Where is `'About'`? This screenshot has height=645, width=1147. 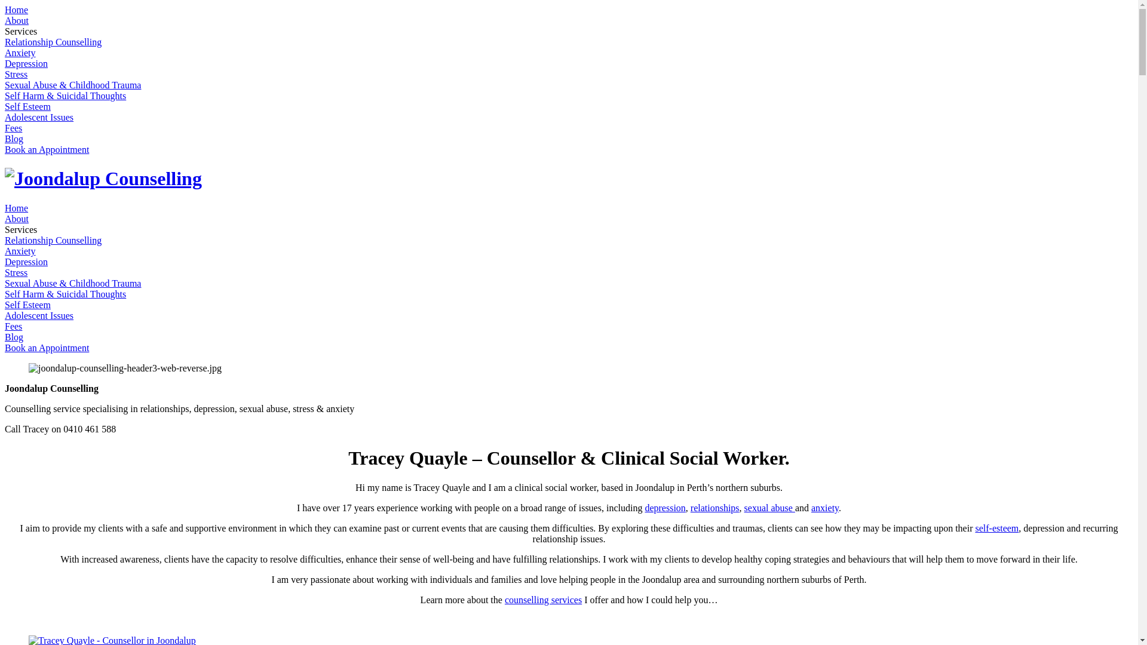 'About' is located at coordinates (17, 219).